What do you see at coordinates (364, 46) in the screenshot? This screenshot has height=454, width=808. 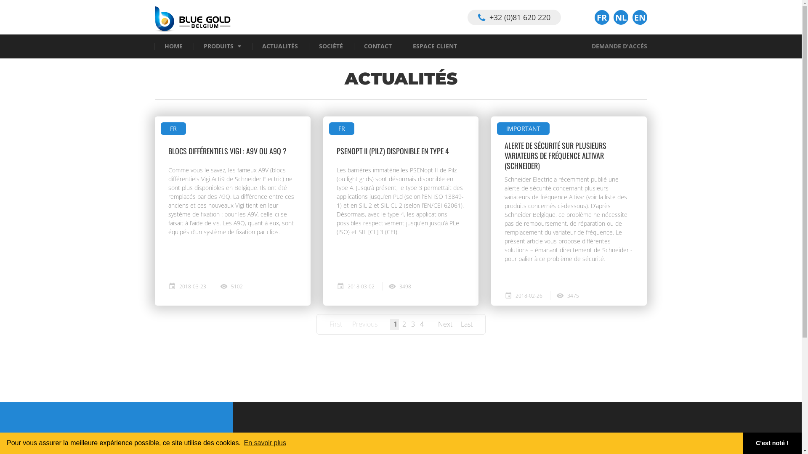 I see `'CONTACT'` at bounding box center [364, 46].